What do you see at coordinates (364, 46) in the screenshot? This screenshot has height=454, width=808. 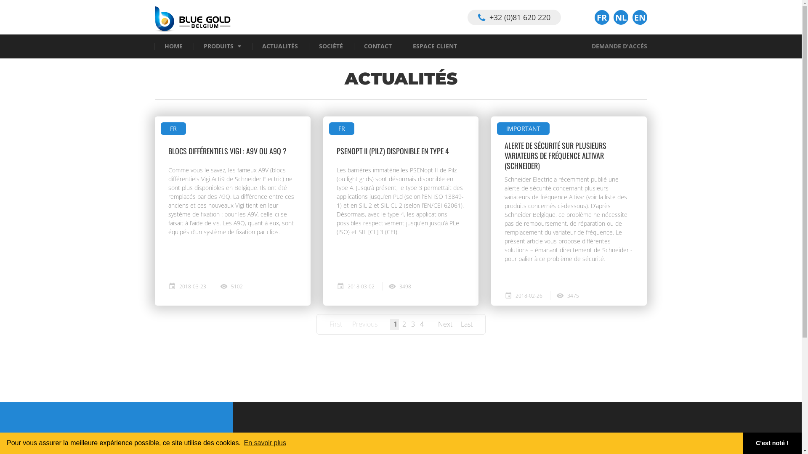 I see `'CONTACT'` at bounding box center [364, 46].